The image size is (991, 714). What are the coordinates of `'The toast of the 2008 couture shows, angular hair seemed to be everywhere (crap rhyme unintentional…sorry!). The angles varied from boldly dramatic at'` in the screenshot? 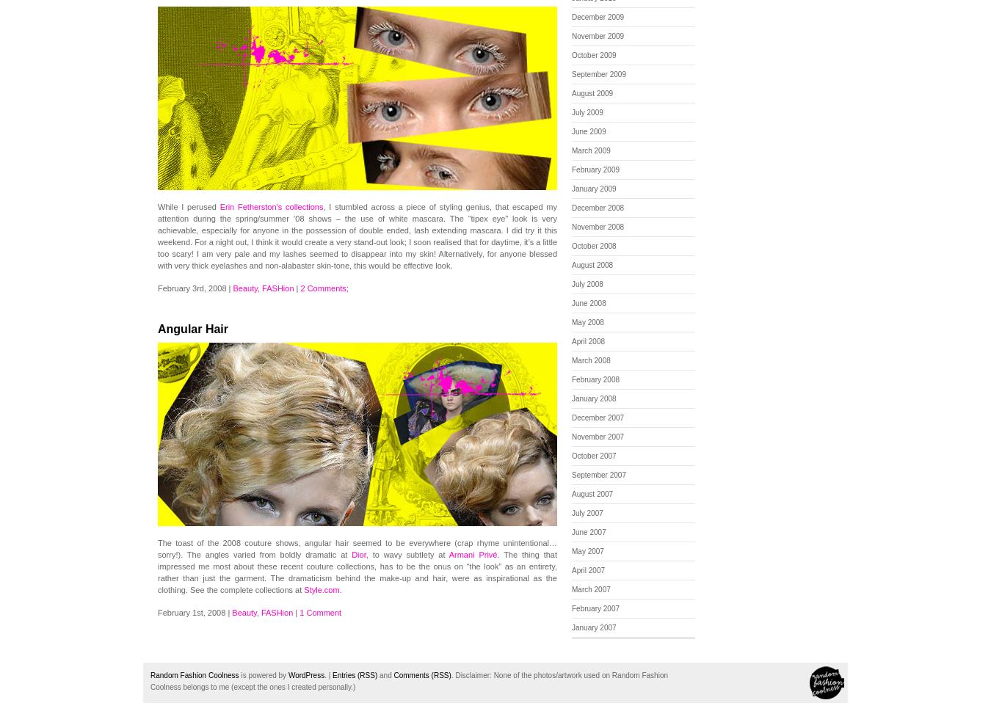 It's located at (356, 549).